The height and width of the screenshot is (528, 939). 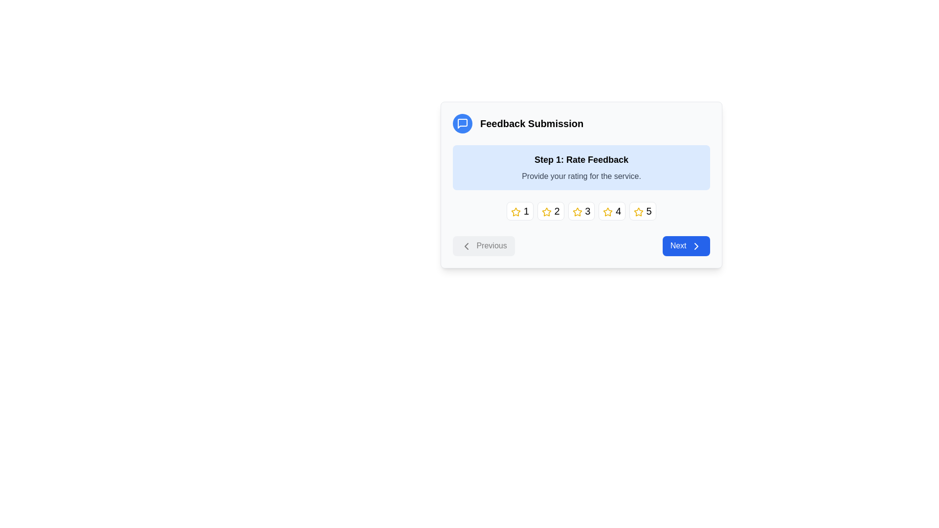 What do you see at coordinates (607, 211) in the screenshot?
I see `the fourth star icon in the rating sequence` at bounding box center [607, 211].